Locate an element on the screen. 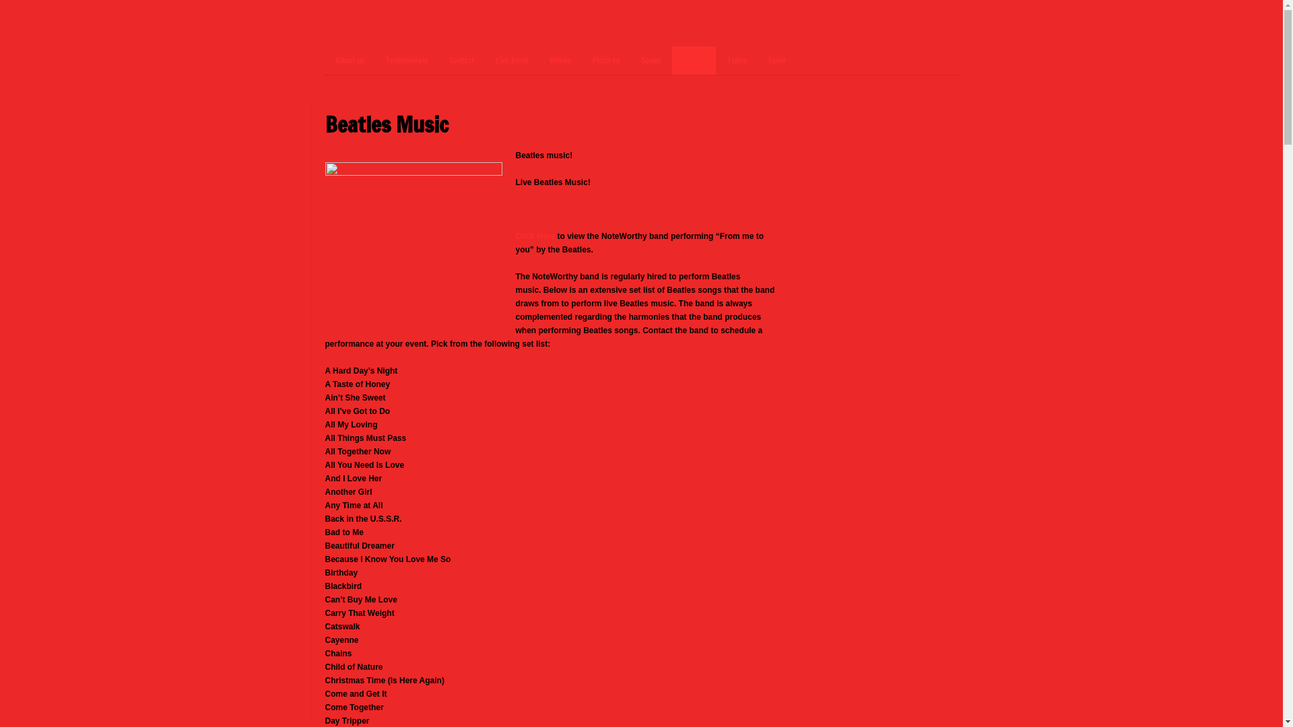 This screenshot has width=1293, height=727. 'Types' is located at coordinates (716, 59).